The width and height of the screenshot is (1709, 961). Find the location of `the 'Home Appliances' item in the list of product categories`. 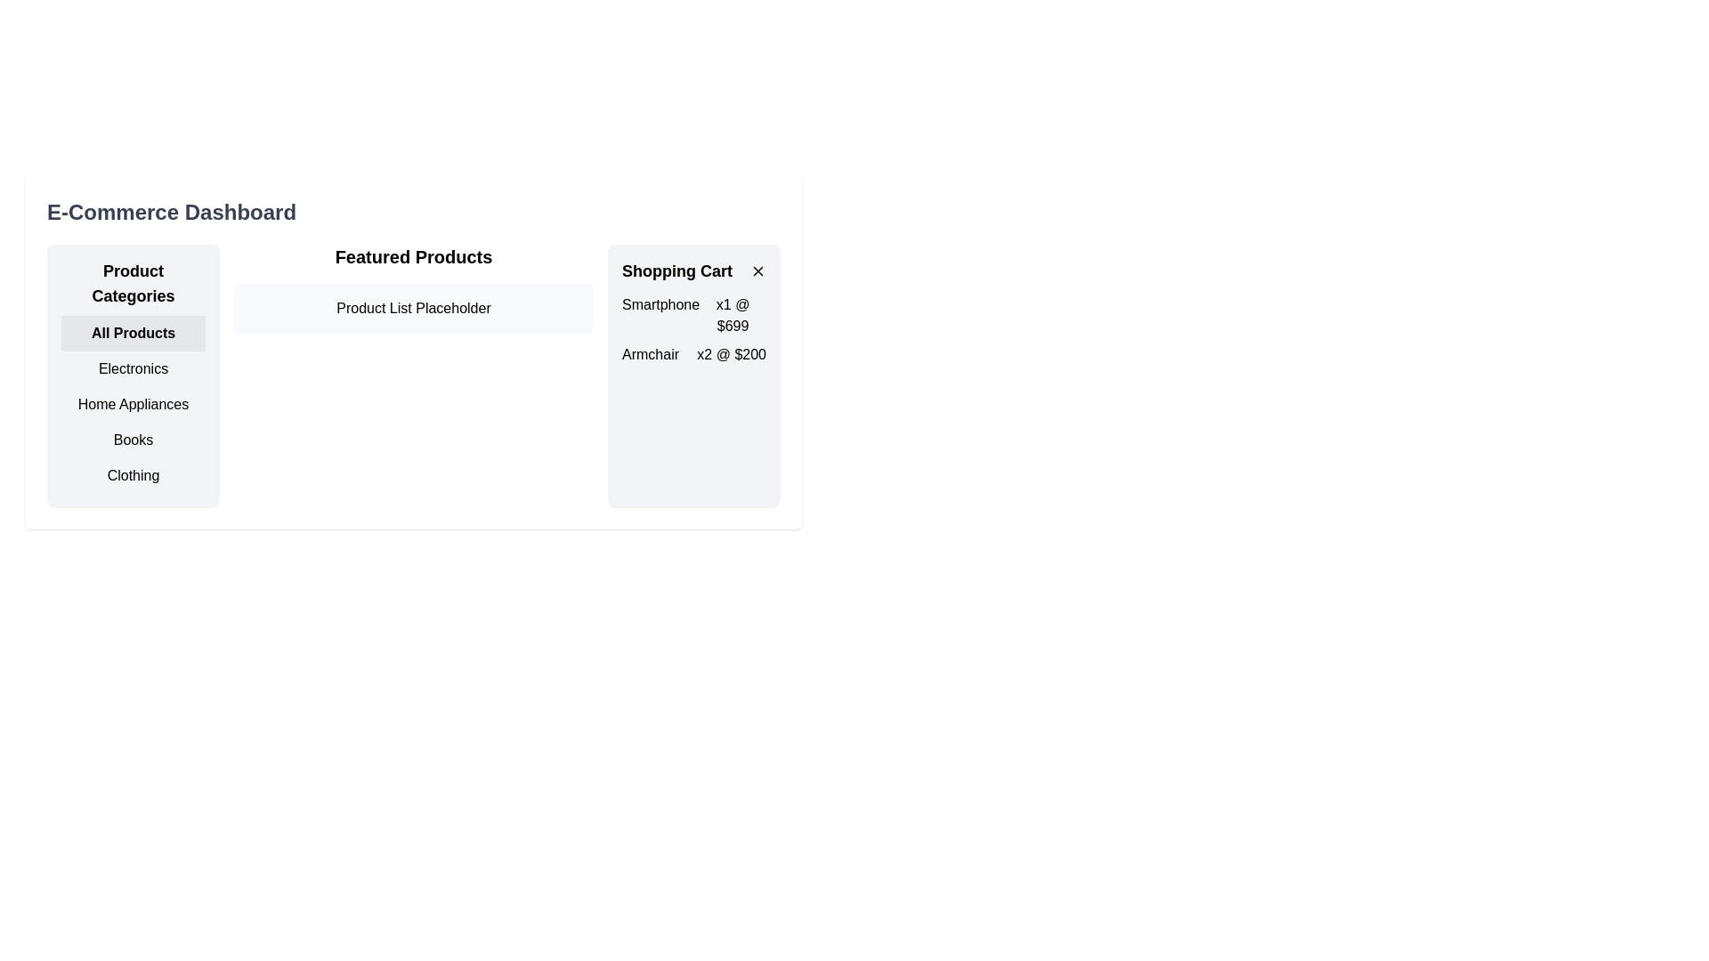

the 'Home Appliances' item in the list of product categories is located at coordinates (132, 405).